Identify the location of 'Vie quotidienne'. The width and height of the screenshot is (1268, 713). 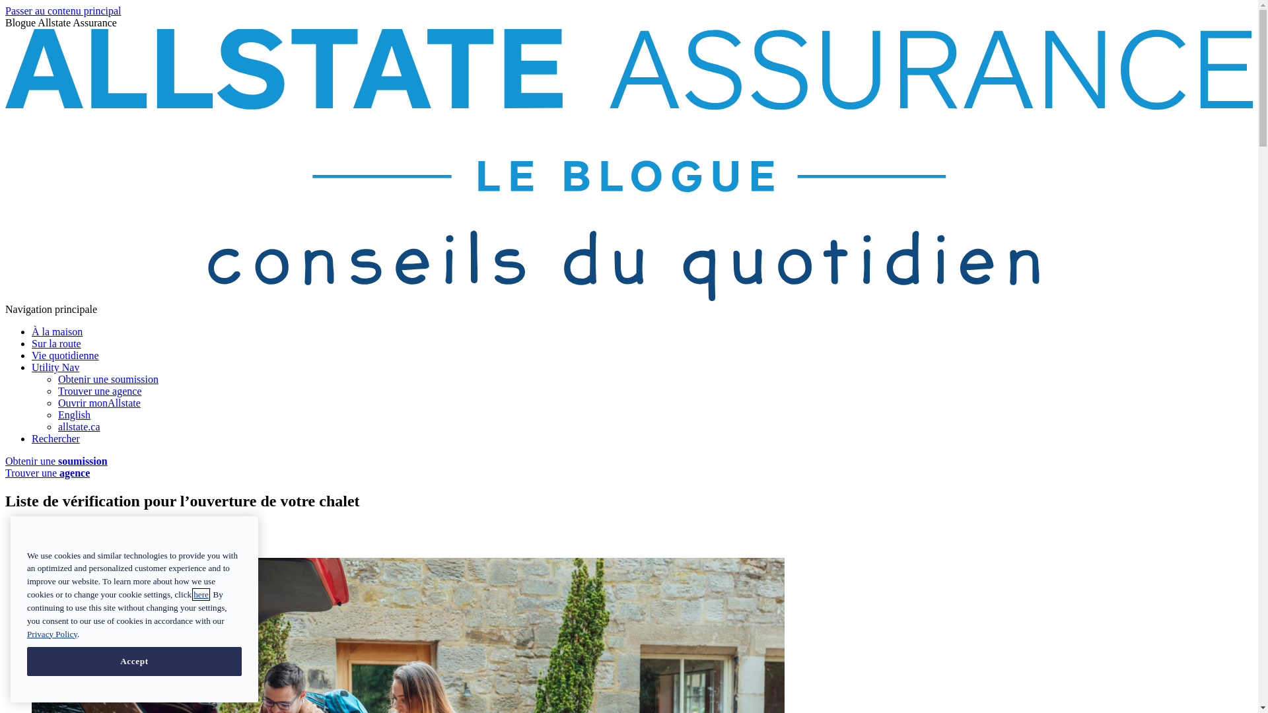
(65, 355).